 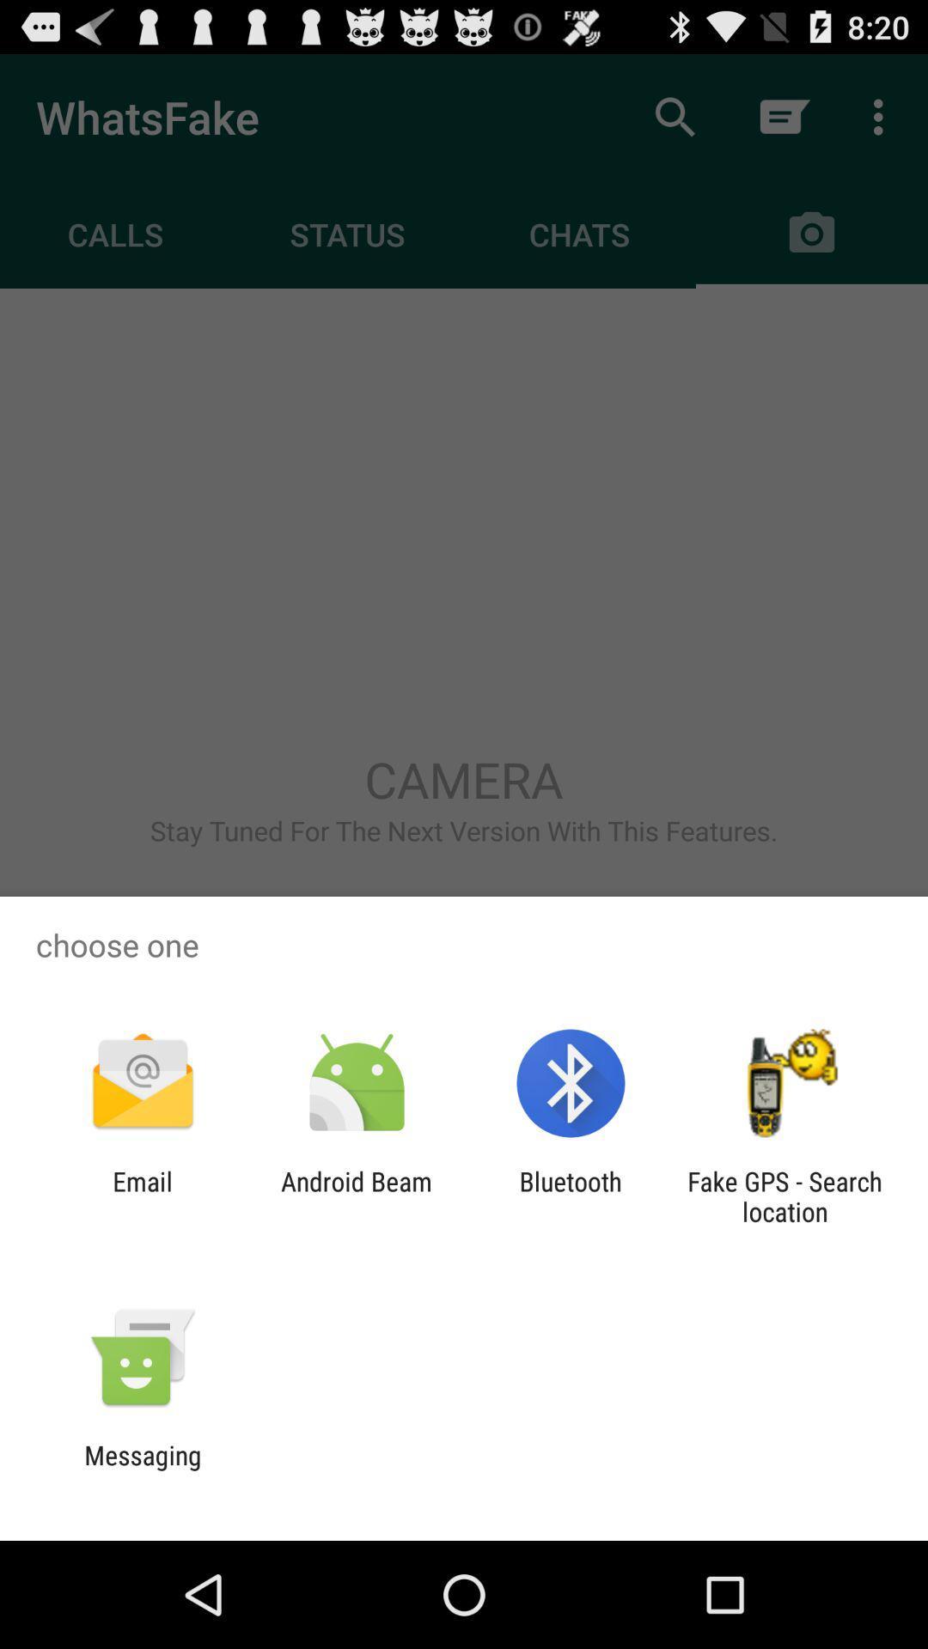 I want to click on app to the right of the email icon, so click(x=356, y=1196).